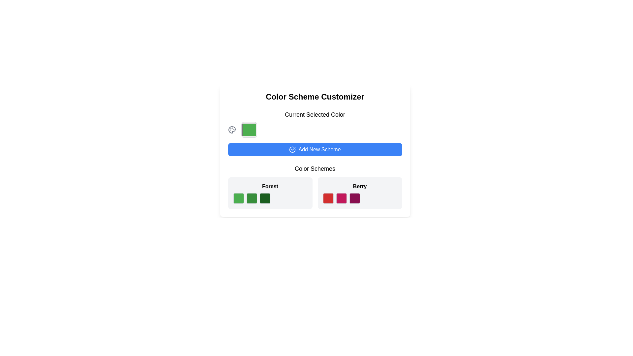 Image resolution: width=633 pixels, height=356 pixels. What do you see at coordinates (315, 150) in the screenshot?
I see `the horizontally-stretched blue button labeled 'Add New Scheme' with a checkmark icon` at bounding box center [315, 150].